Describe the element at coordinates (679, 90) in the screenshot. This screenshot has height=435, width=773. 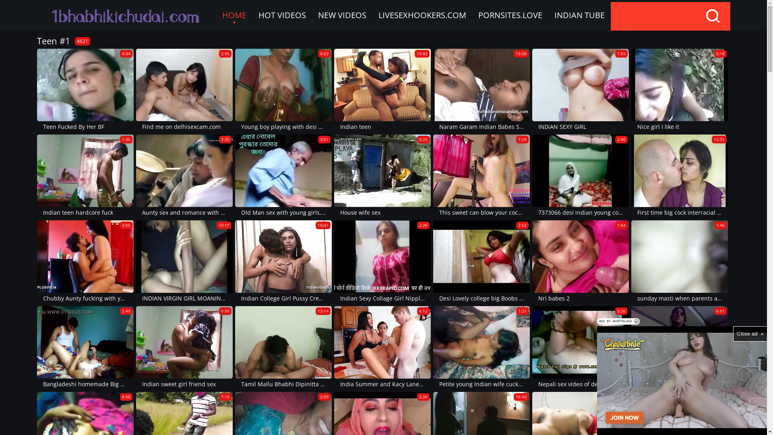
I see `'5:18` at that location.